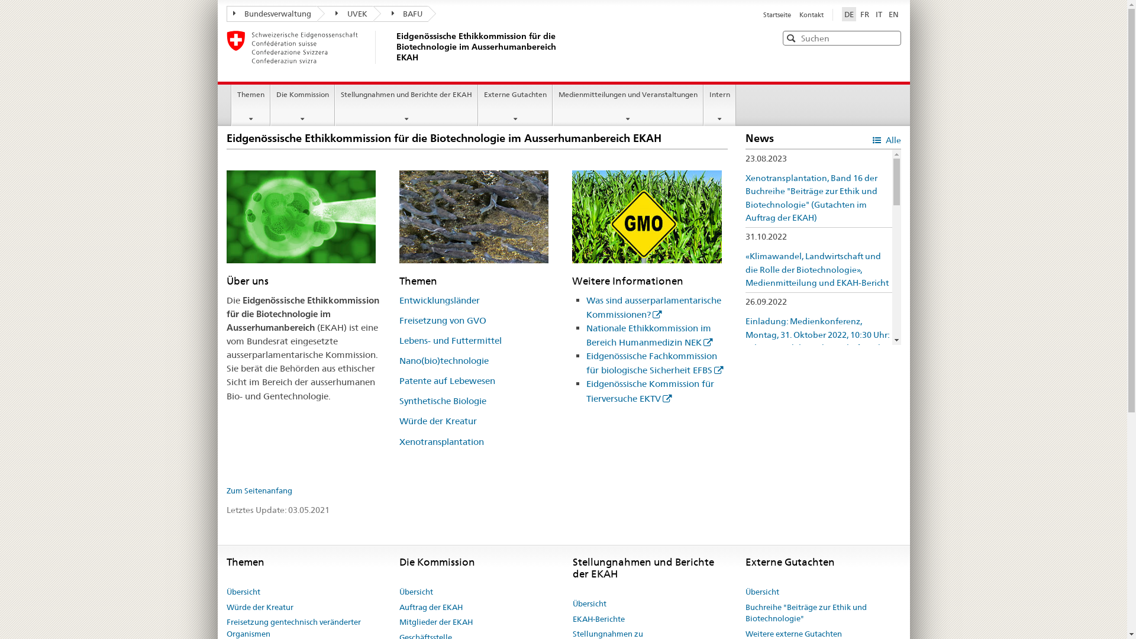 The image size is (1136, 639). What do you see at coordinates (302, 104) in the screenshot?
I see `'Die Kommission'` at bounding box center [302, 104].